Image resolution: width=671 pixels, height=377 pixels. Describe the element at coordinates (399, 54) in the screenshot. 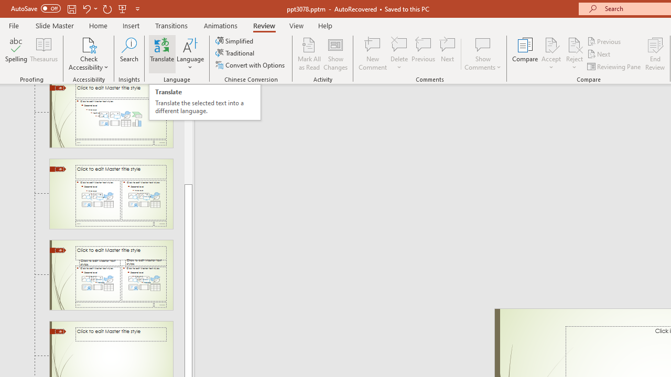

I see `'Delete'` at that location.